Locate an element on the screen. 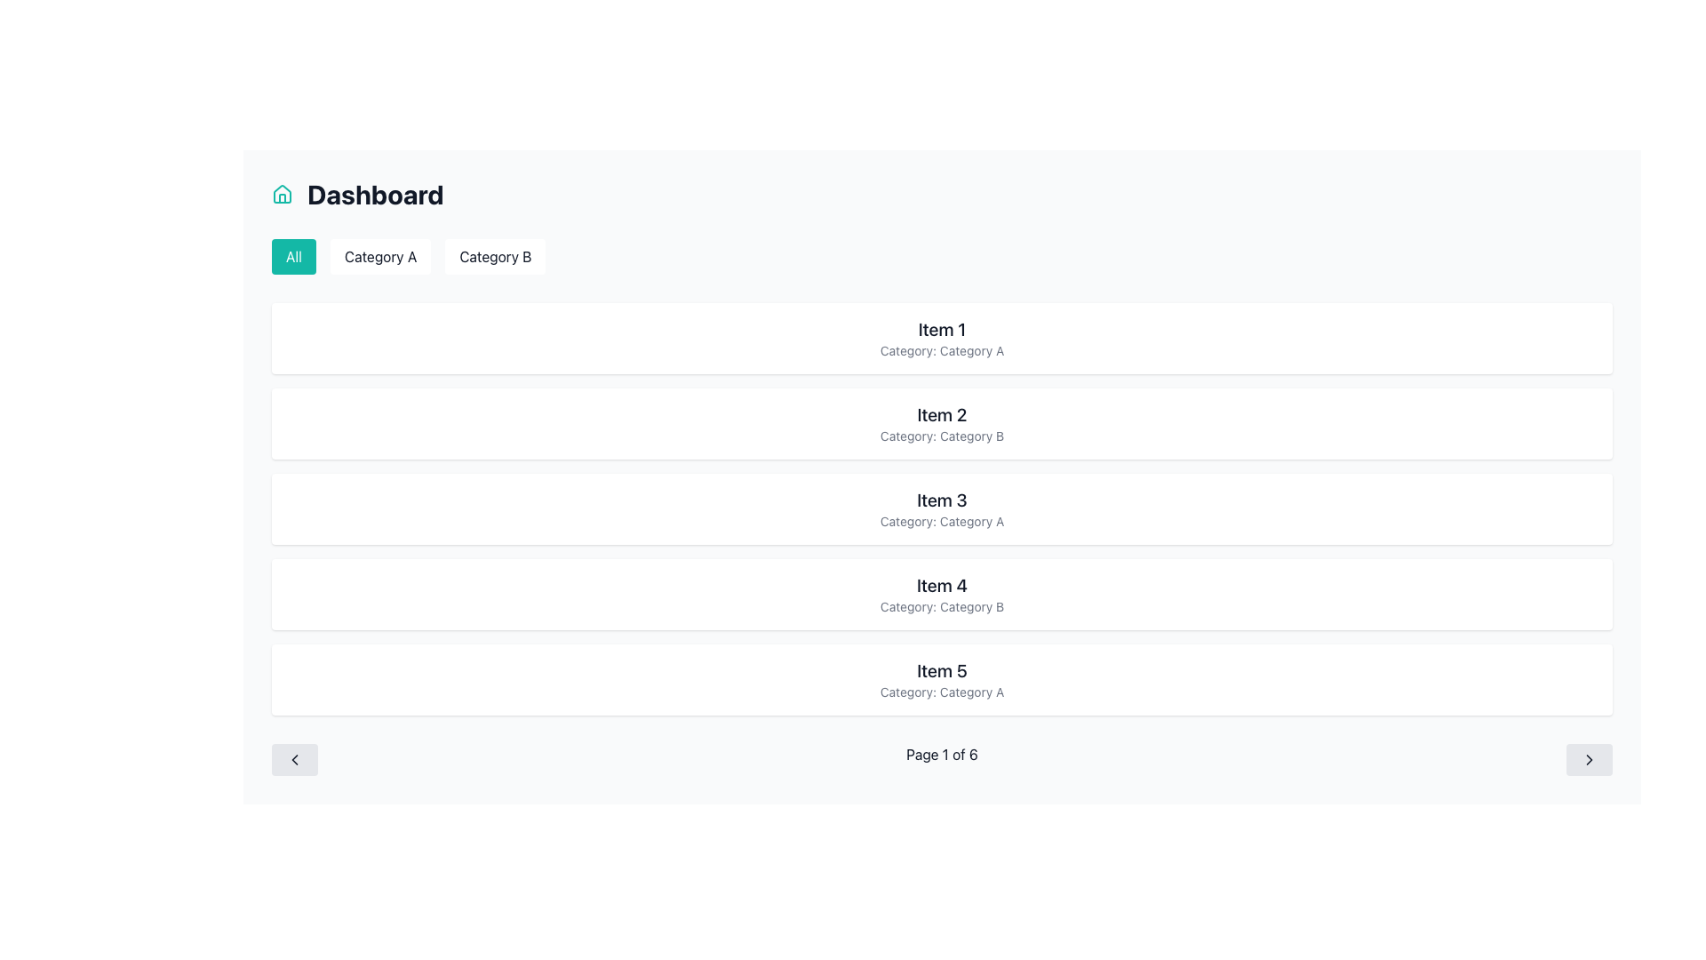 This screenshot has height=960, width=1706. the 'All' button located under the 'Dashboard' heading to filter displayed content and show all categories is located at coordinates (294, 257).